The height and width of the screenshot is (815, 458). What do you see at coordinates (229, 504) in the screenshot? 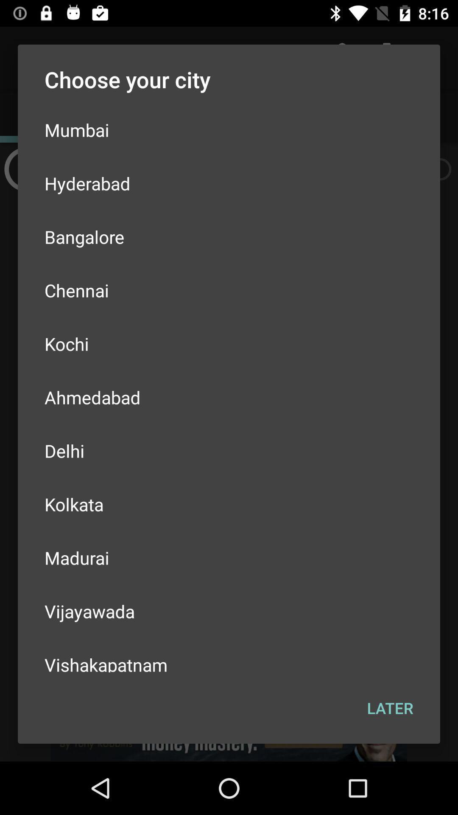
I see `kolkata icon` at bounding box center [229, 504].